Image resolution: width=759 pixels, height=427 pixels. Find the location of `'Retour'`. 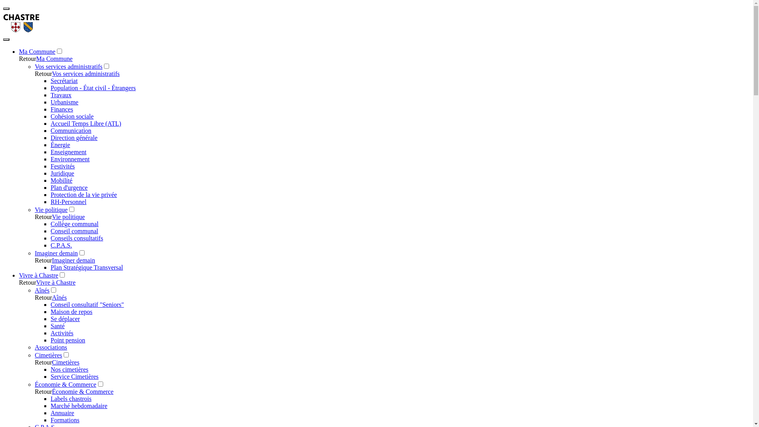

'Retour' is located at coordinates (34, 74).